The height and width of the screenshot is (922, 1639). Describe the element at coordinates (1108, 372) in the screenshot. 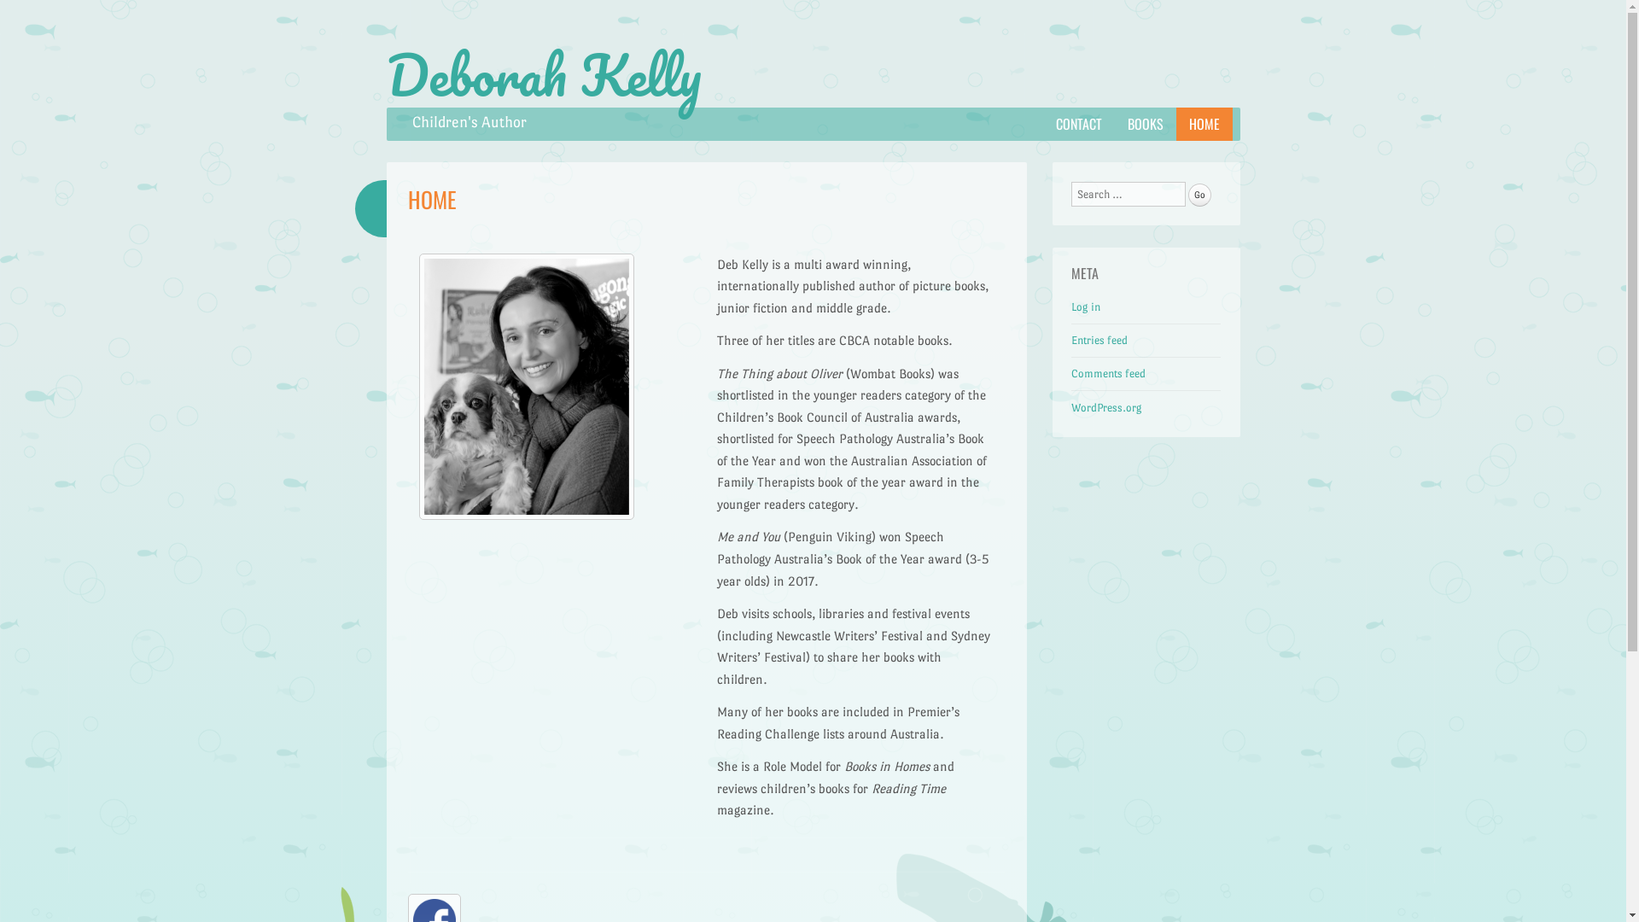

I see `'Comments feed'` at that location.